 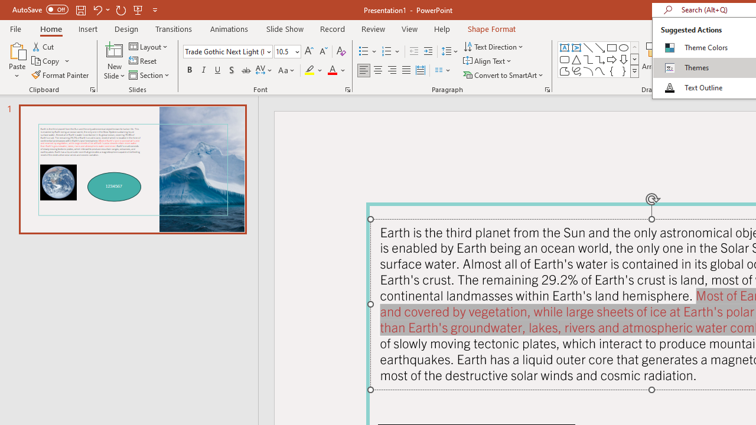 I want to click on 'Shape Fill Aqua, Accent 2', so click(x=702, y=45).